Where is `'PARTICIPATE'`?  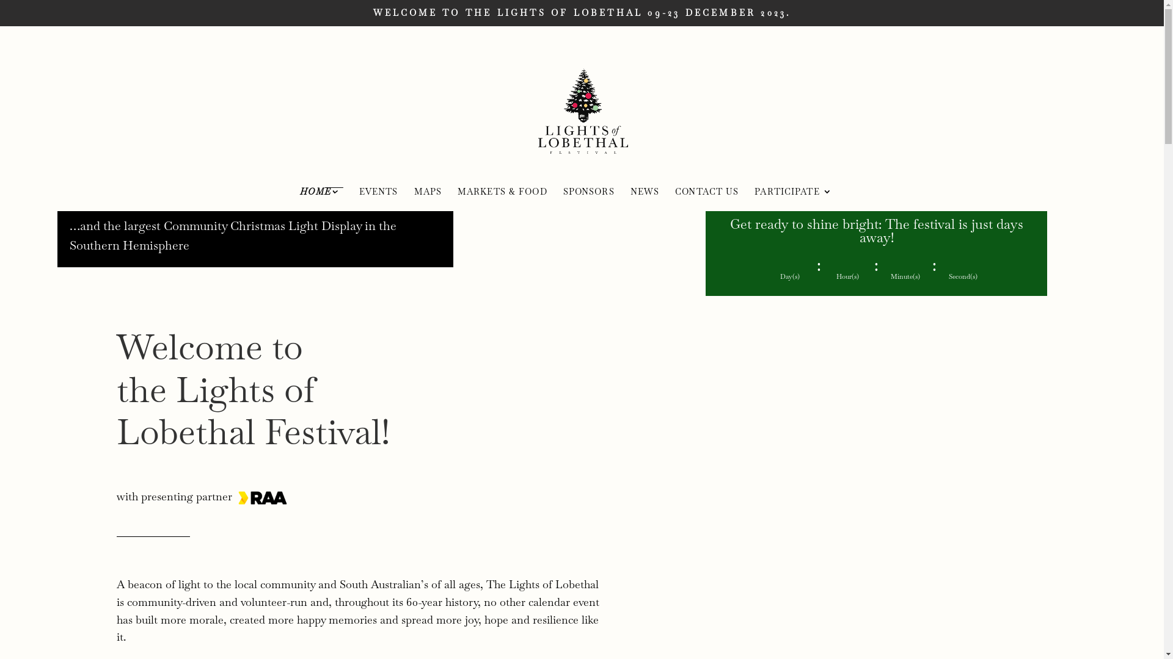
'PARTICIPATE' is located at coordinates (792, 198).